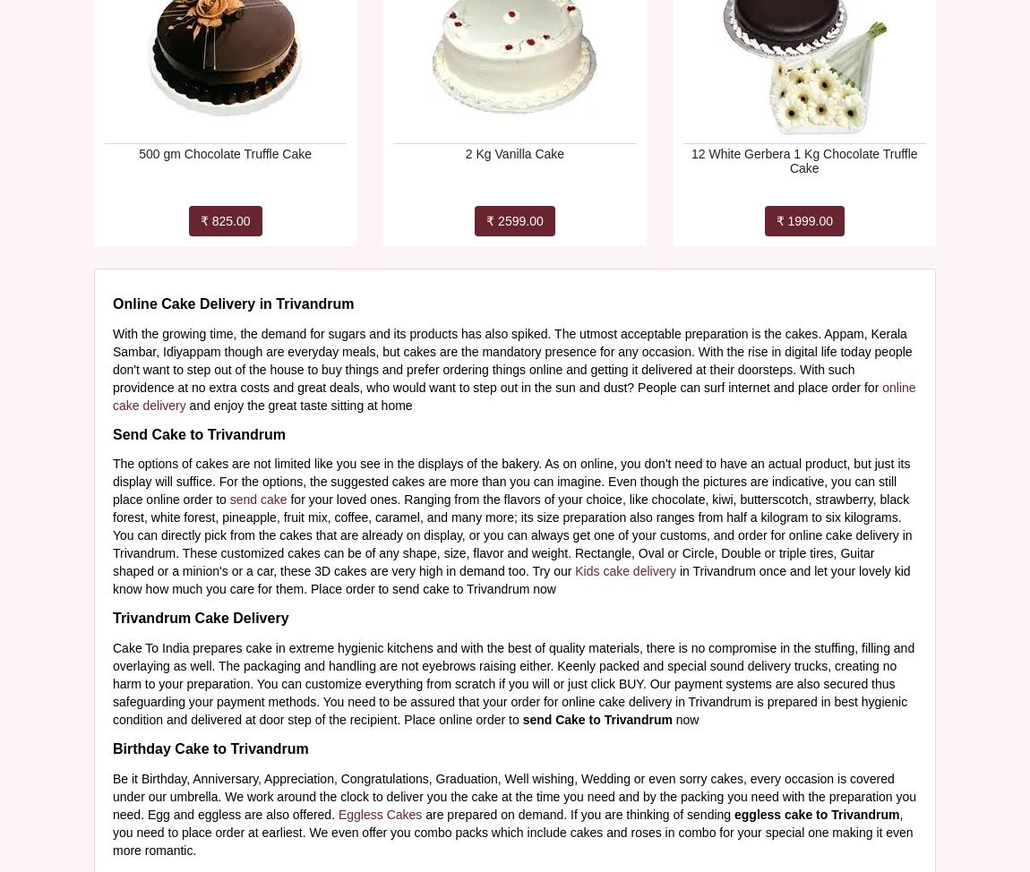  I want to click on 'Eggless Cakes', so click(380, 813).